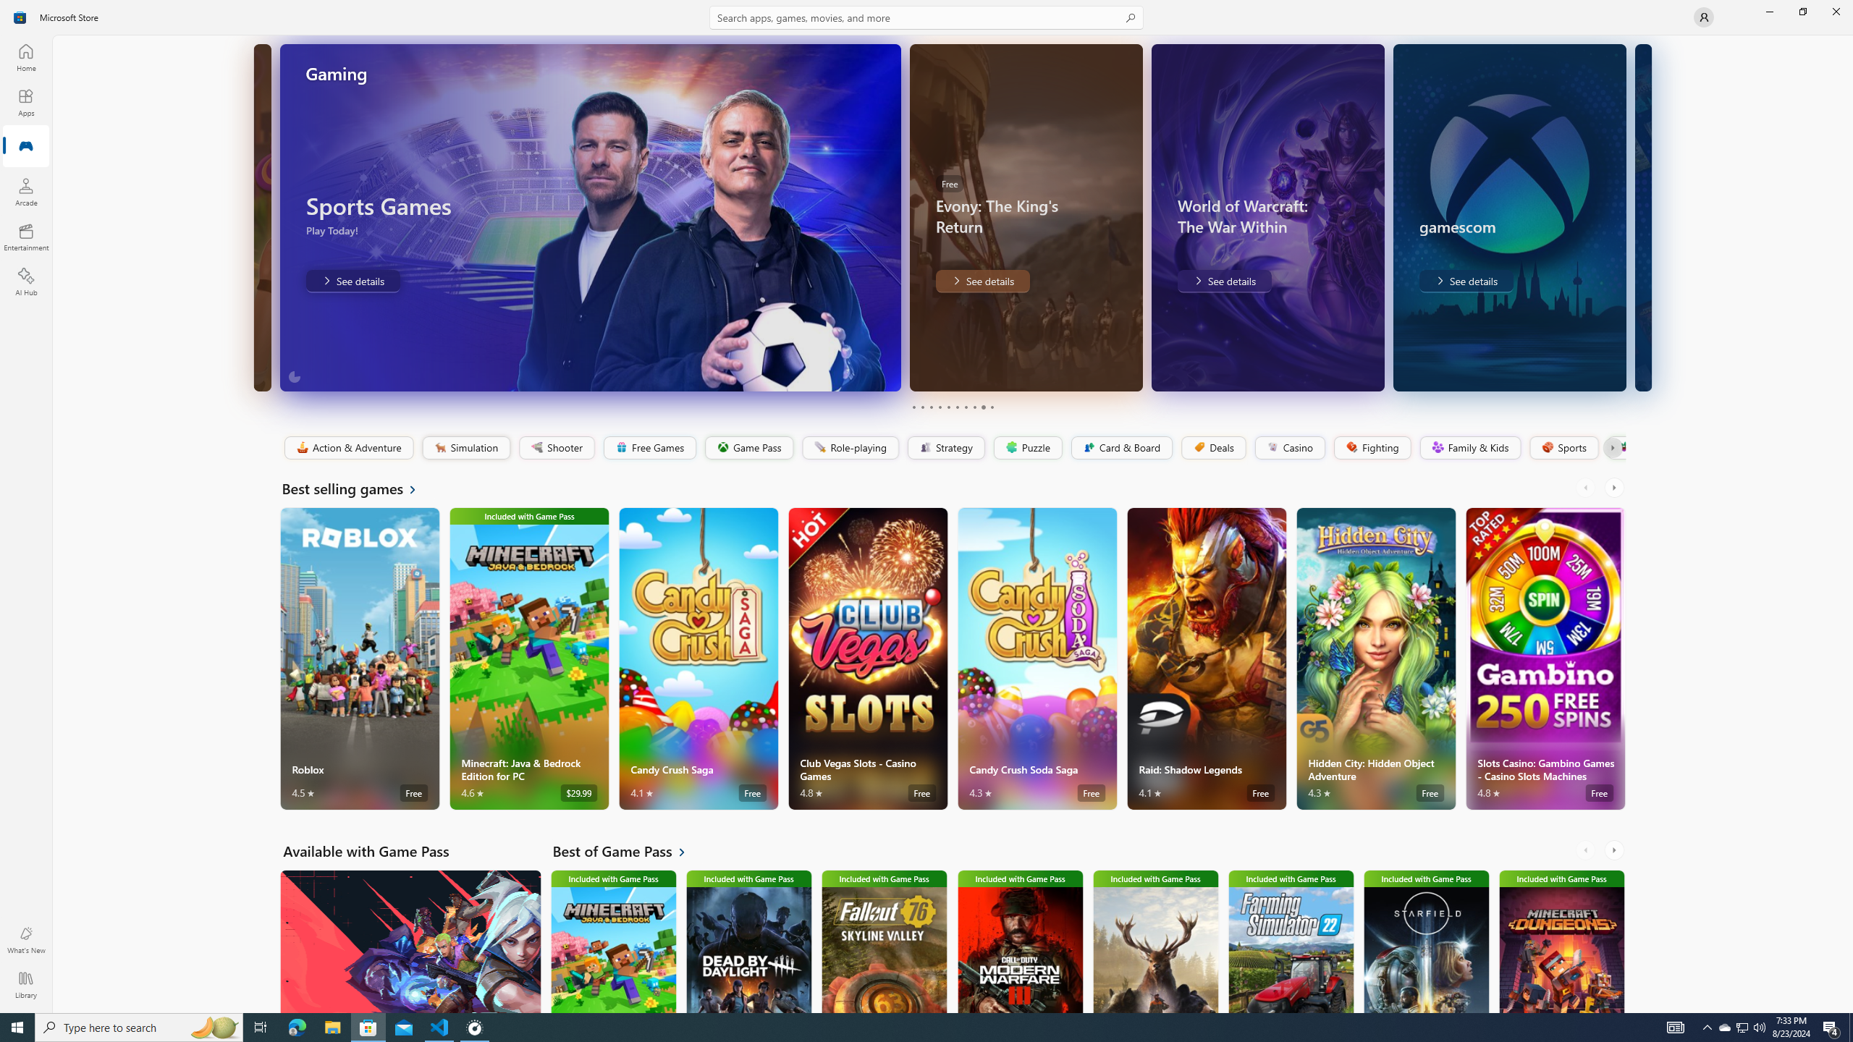 This screenshot has height=1042, width=1853. I want to click on 'AI Hub', so click(25, 281).